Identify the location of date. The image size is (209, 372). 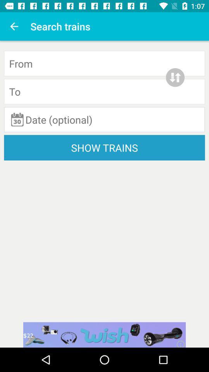
(104, 119).